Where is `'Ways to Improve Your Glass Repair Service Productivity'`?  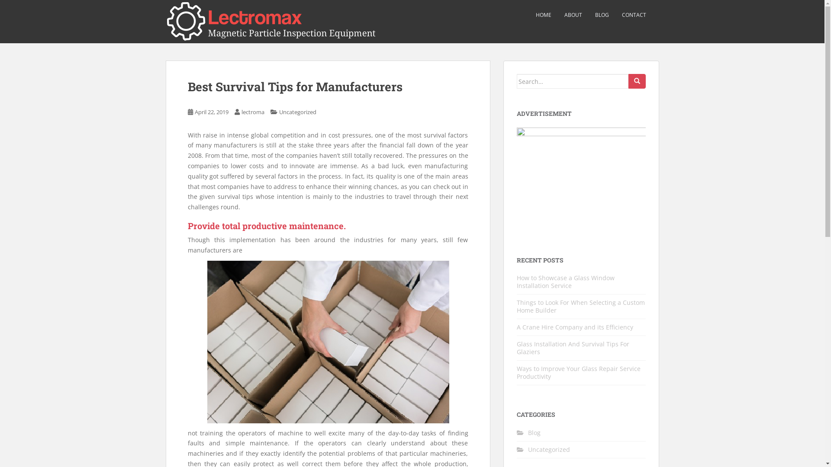
'Ways to Improve Your Glass Repair Service Productivity' is located at coordinates (579, 372).